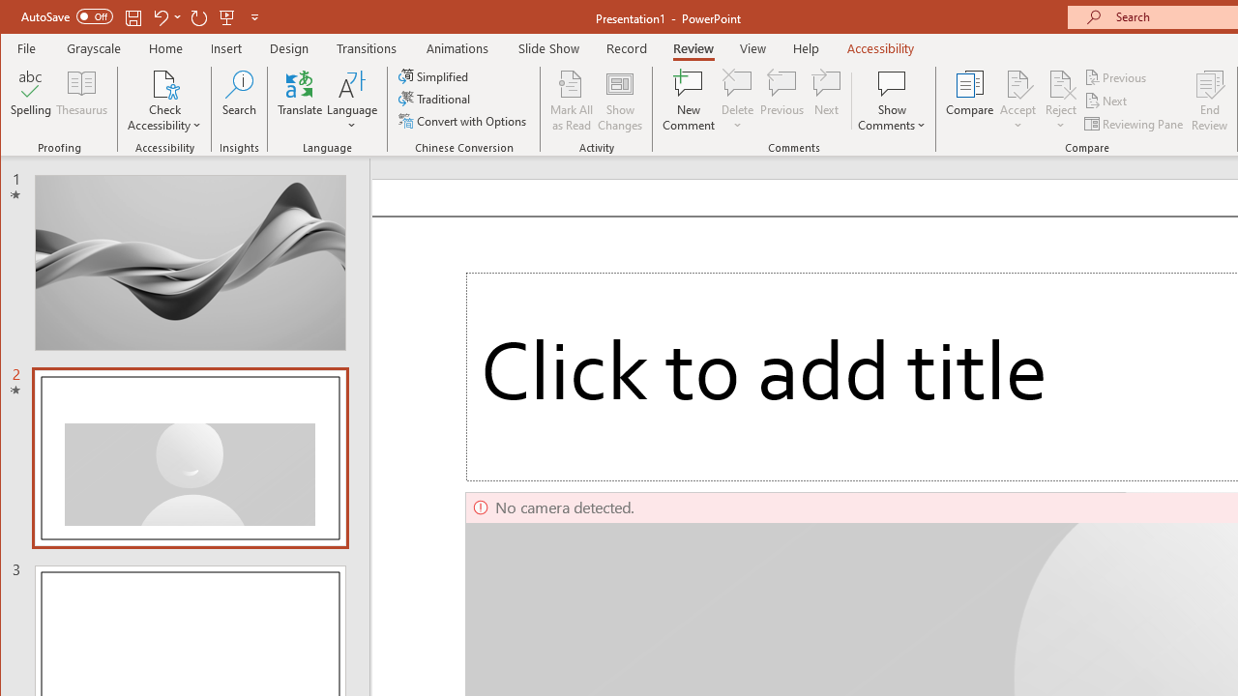  I want to click on 'Compare', so click(969, 101).